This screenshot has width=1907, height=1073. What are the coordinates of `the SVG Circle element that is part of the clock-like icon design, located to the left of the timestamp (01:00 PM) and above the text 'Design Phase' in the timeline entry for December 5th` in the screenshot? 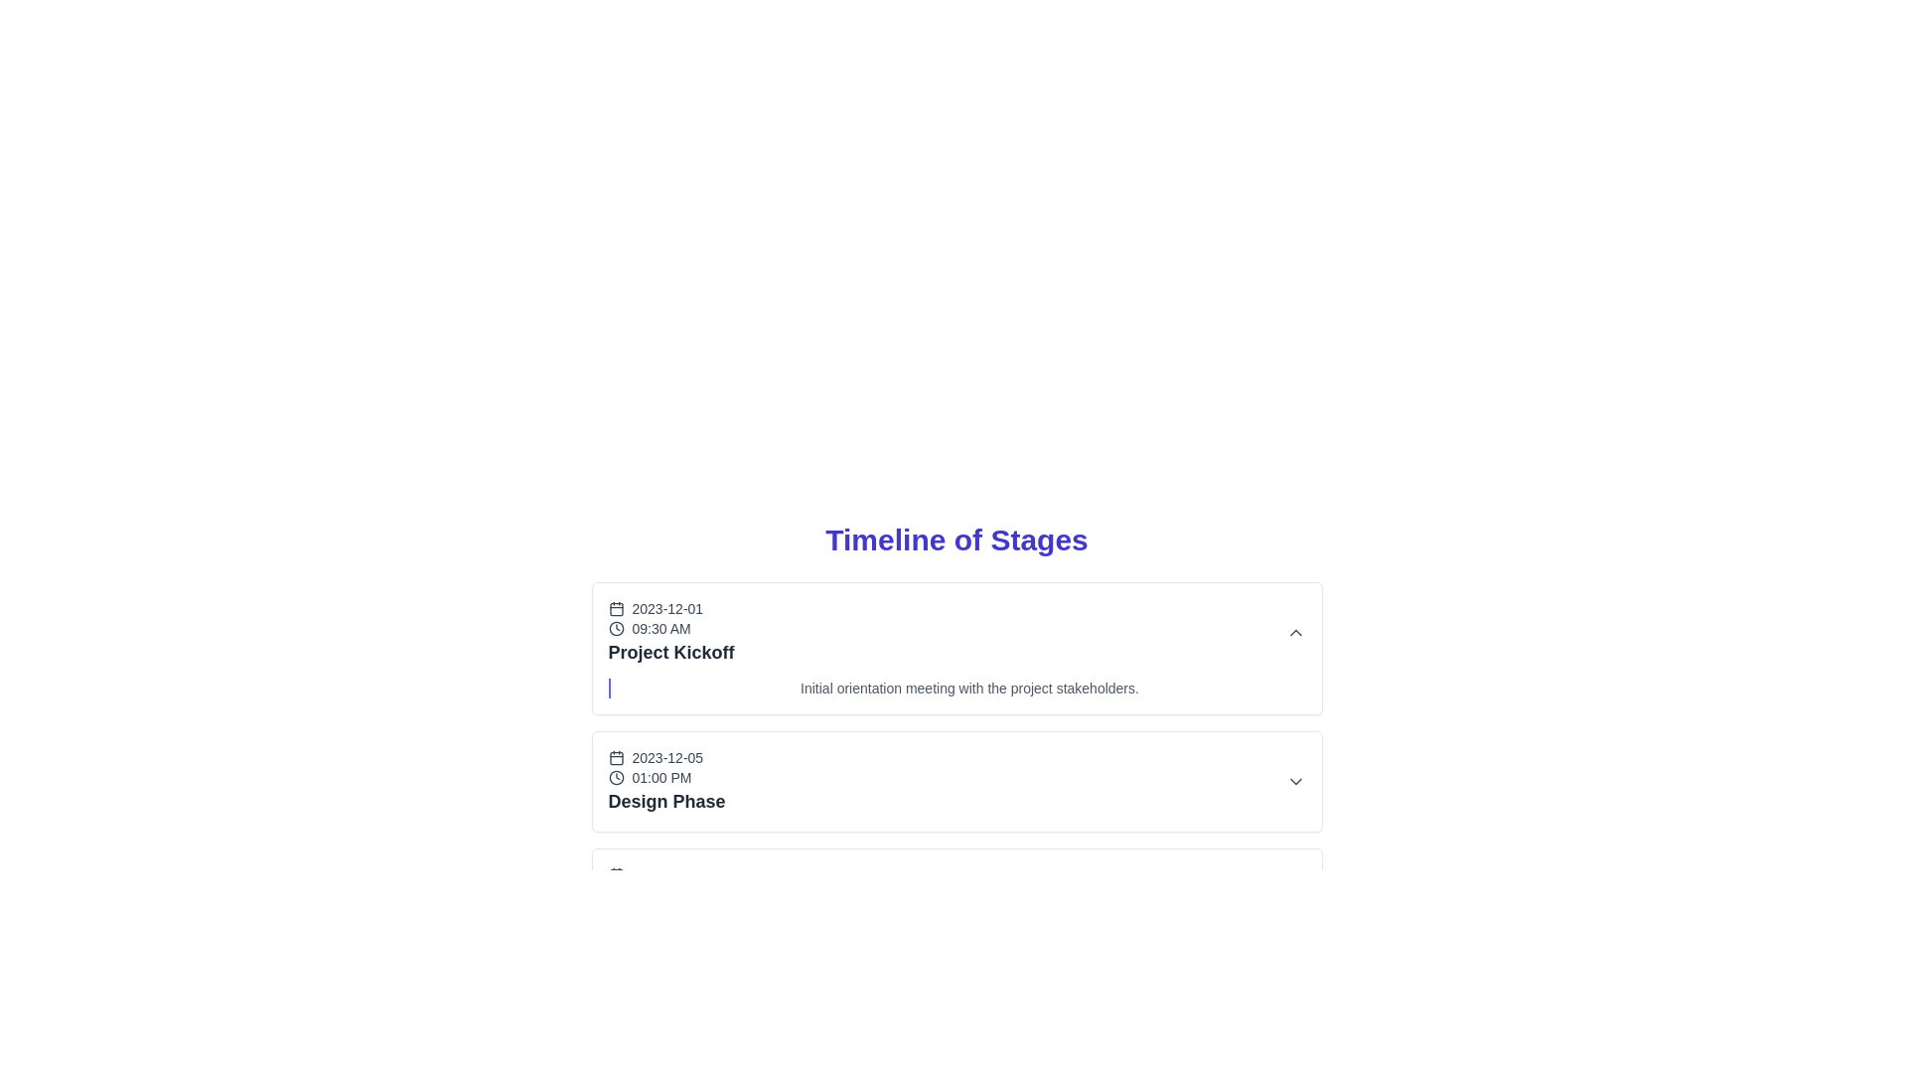 It's located at (615, 777).